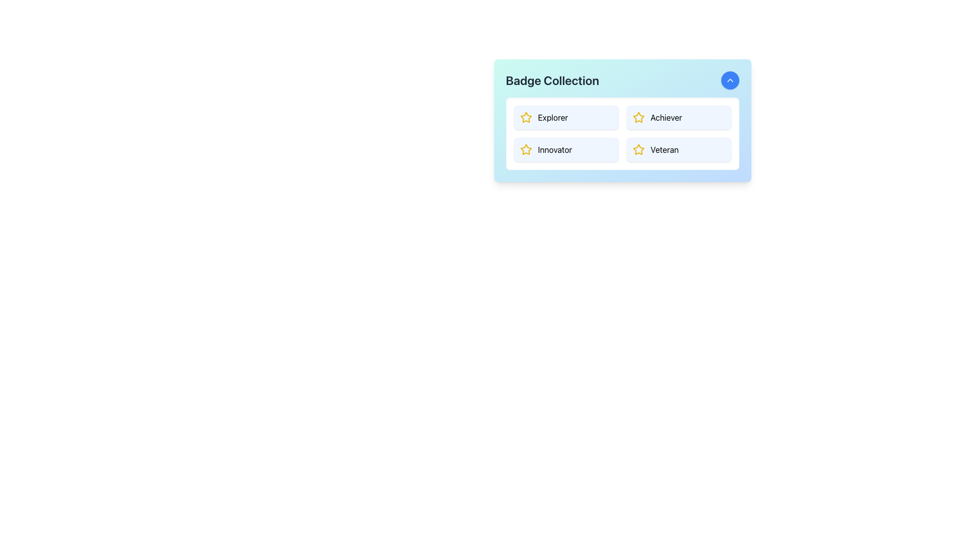 This screenshot has height=543, width=965. Describe the element at coordinates (666, 117) in the screenshot. I see `the text label 'Achiever' which is part of a horizontally aligned badge layout, located inside the second badge of the second row, next to a star icon and on a blue rounded rectangle background` at that location.